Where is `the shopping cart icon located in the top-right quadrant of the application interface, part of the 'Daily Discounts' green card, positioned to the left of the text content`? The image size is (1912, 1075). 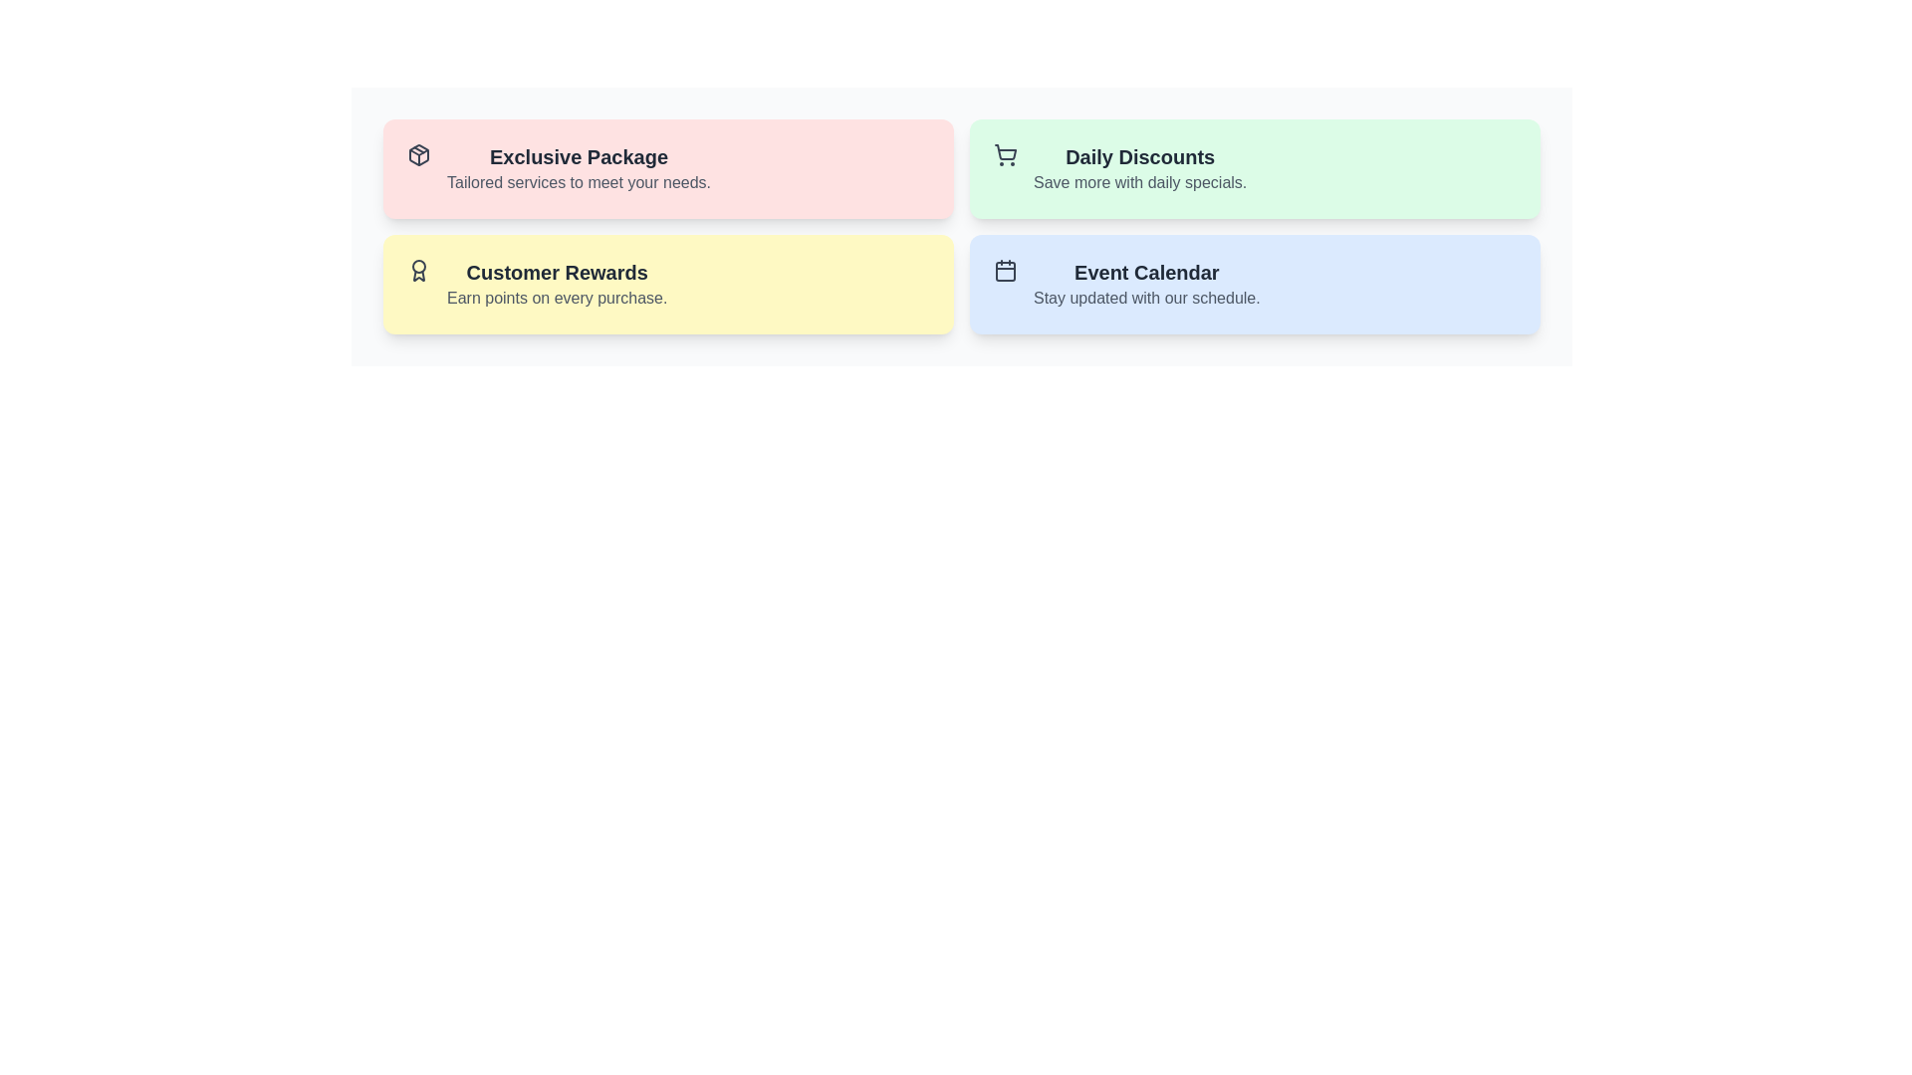
the shopping cart icon located in the top-right quadrant of the application interface, part of the 'Daily Discounts' green card, positioned to the left of the text content is located at coordinates (1006, 151).